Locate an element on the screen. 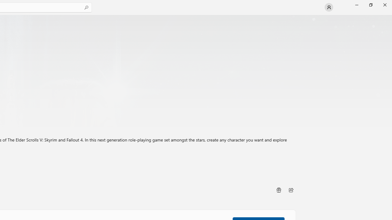 The height and width of the screenshot is (220, 392). 'Buy as gift' is located at coordinates (278, 190).